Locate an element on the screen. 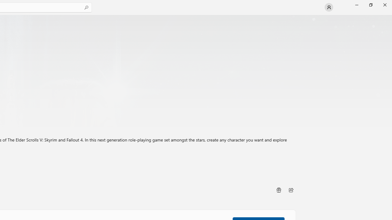 The height and width of the screenshot is (220, 392). 'Buy as gift' is located at coordinates (278, 190).